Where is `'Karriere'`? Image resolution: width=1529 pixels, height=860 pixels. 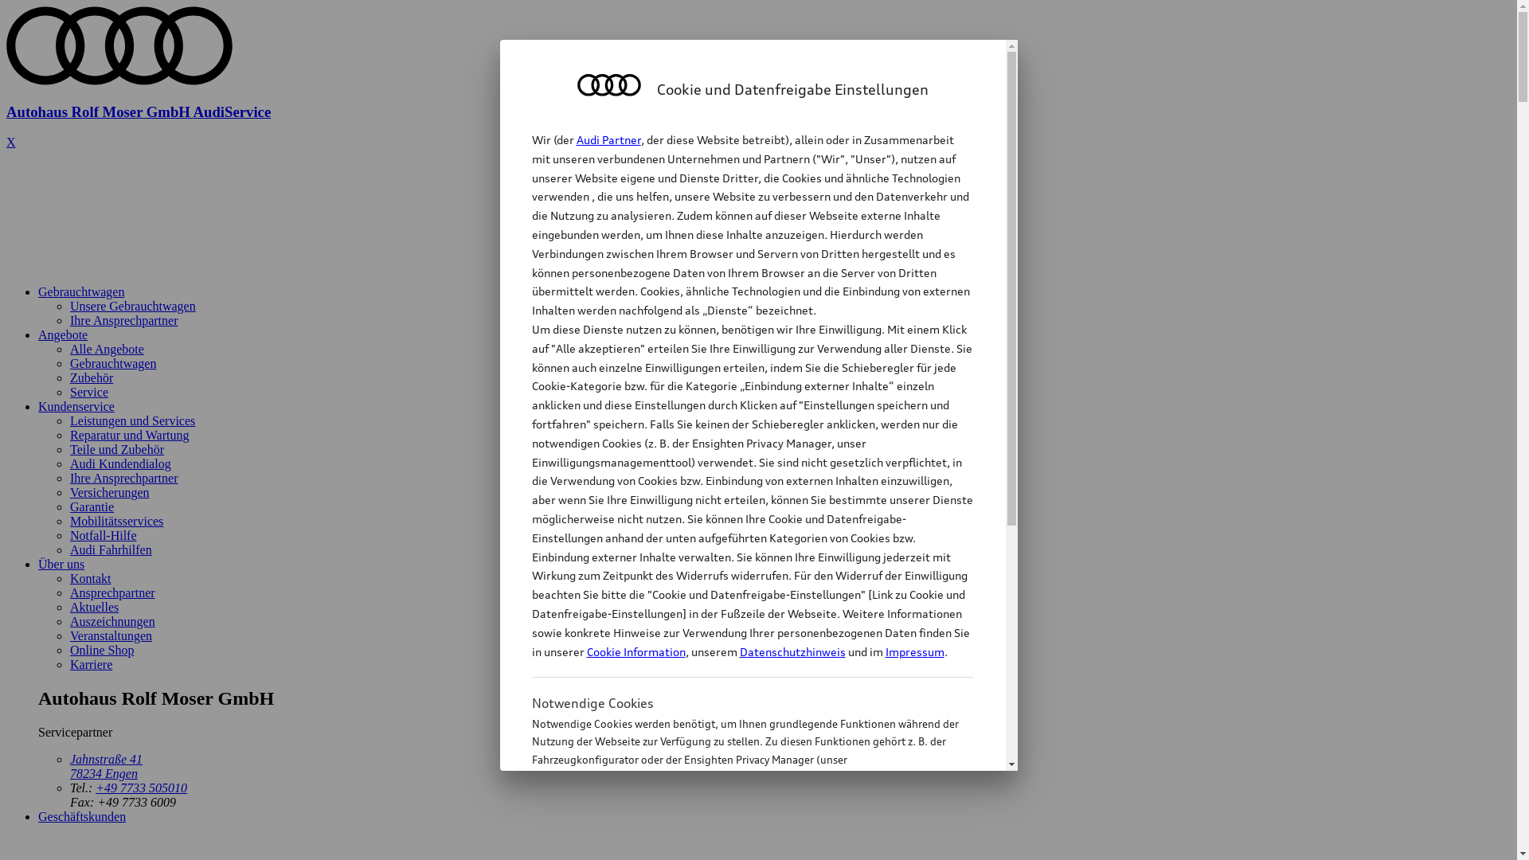 'Karriere' is located at coordinates (90, 664).